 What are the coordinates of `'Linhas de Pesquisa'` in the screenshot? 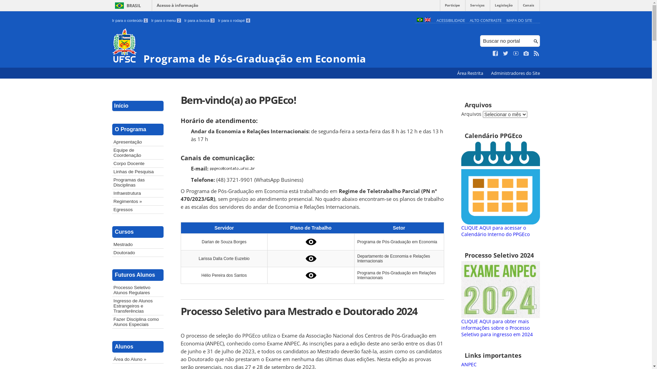 It's located at (112, 171).